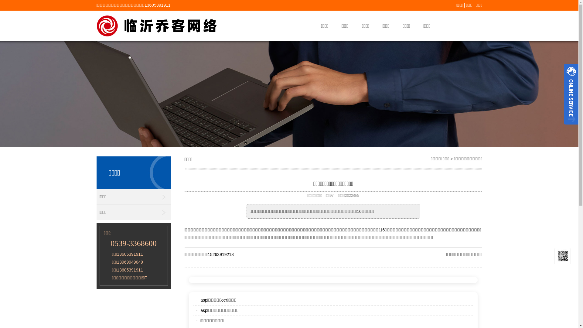 The image size is (583, 328). What do you see at coordinates (571, 94) in the screenshot?
I see `' '` at bounding box center [571, 94].